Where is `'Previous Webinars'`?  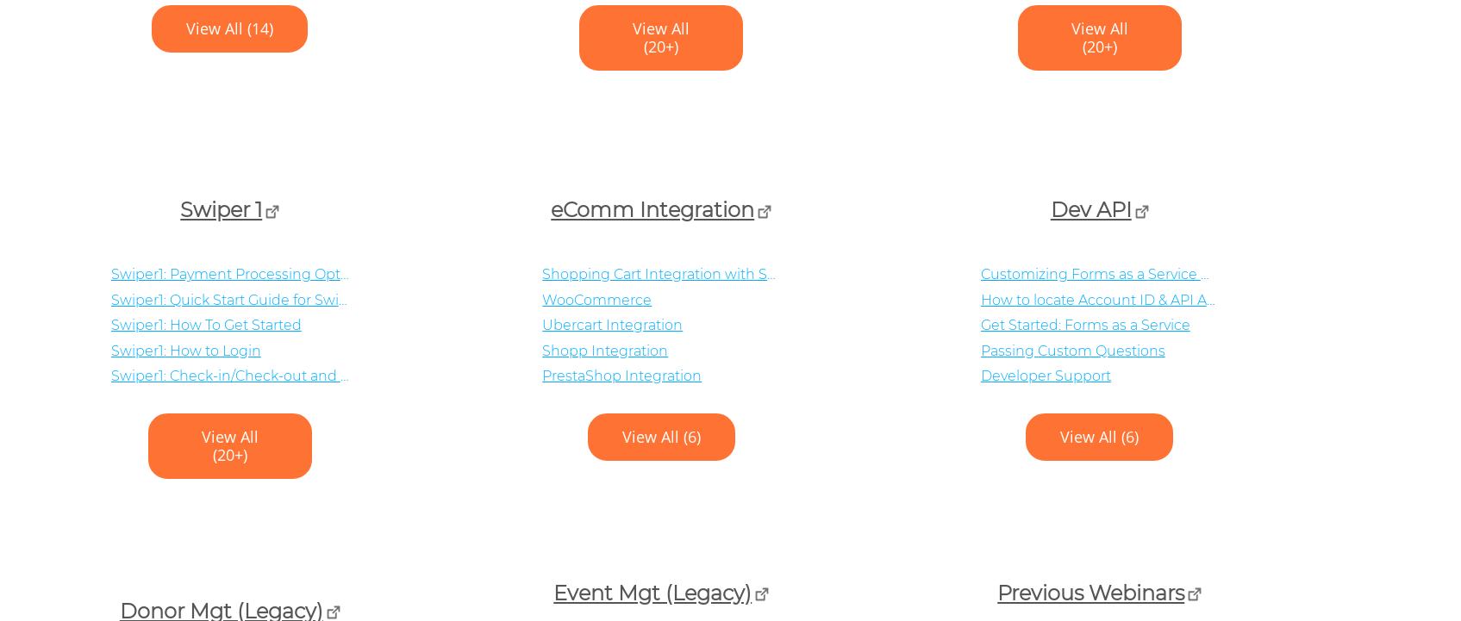 'Previous Webinars' is located at coordinates (1090, 591).